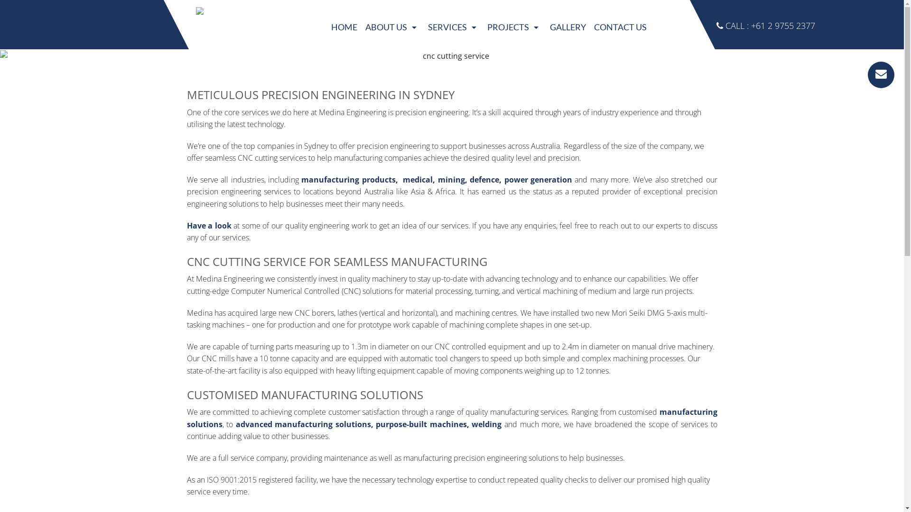 The image size is (911, 512). What do you see at coordinates (514, 119) in the screenshot?
I see `'MINING'` at bounding box center [514, 119].